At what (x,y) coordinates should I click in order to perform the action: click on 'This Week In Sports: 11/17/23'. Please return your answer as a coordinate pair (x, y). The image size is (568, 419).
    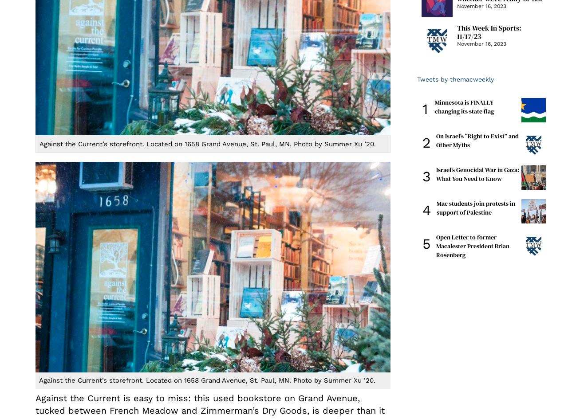
    Looking at the image, I should click on (457, 31).